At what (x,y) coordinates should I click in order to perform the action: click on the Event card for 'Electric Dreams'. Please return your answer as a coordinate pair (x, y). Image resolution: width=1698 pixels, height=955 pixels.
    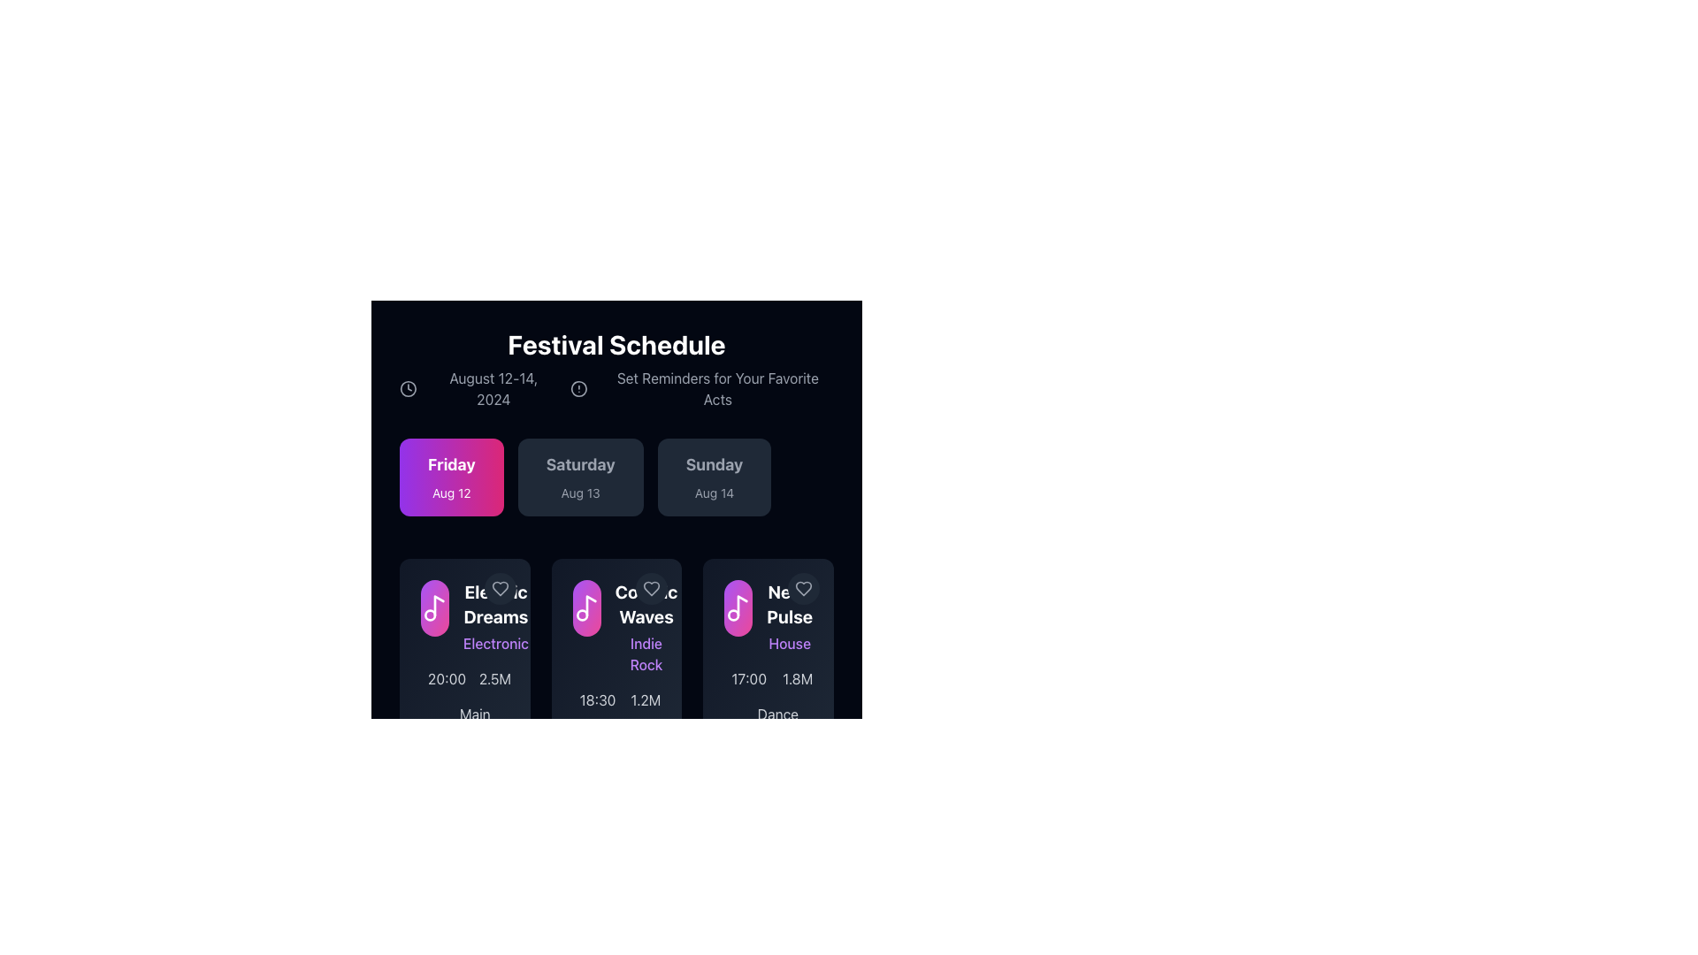
    Looking at the image, I should click on (464, 616).